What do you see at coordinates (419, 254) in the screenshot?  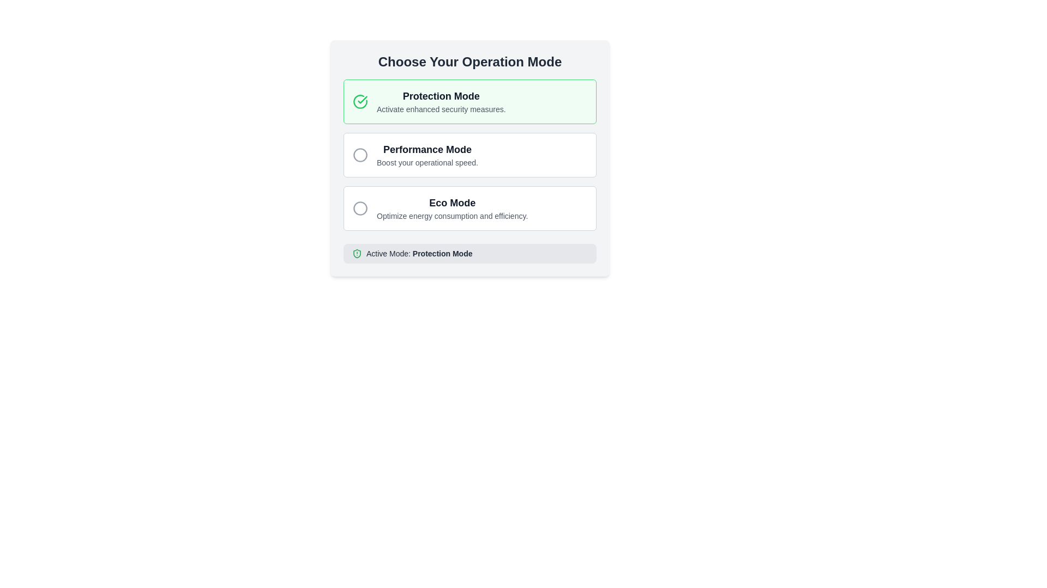 I see `the Text label that displays the currently selected operation mode, located in the bottom part of the interface, within a light gray, rounded rectangular section` at bounding box center [419, 254].